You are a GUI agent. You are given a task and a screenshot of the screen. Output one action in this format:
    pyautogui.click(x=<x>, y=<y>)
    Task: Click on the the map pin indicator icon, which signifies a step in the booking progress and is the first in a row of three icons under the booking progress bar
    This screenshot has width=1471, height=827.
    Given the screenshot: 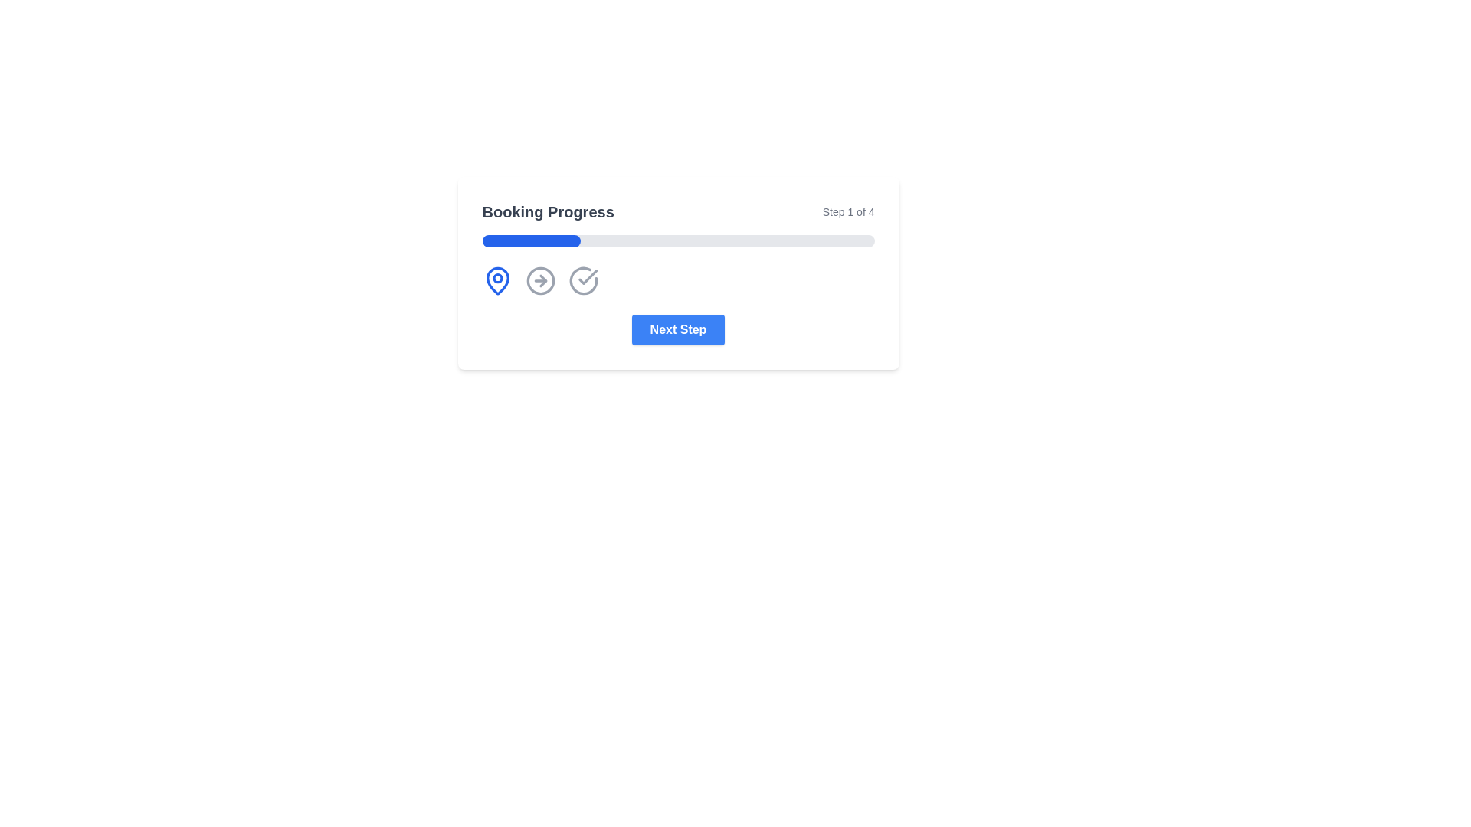 What is the action you would take?
    pyautogui.click(x=497, y=280)
    